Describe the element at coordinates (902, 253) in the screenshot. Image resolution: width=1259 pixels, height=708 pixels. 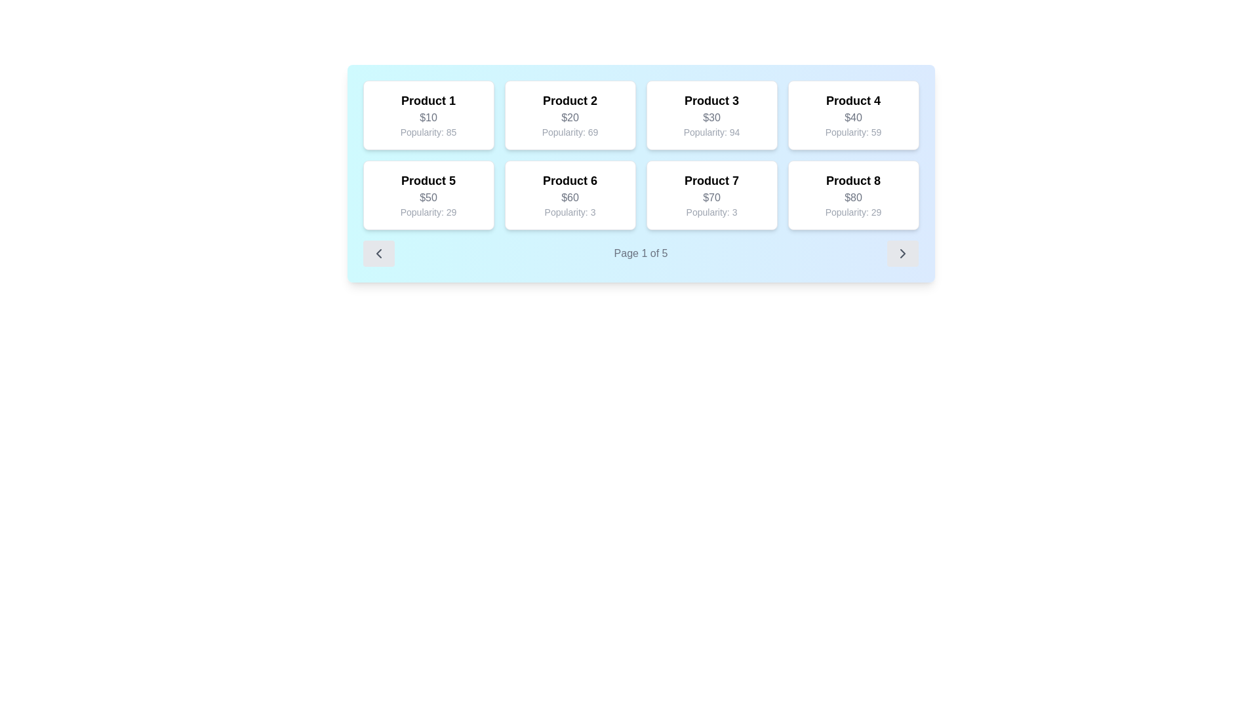
I see `the pagination button located on the right side of the interface` at that location.